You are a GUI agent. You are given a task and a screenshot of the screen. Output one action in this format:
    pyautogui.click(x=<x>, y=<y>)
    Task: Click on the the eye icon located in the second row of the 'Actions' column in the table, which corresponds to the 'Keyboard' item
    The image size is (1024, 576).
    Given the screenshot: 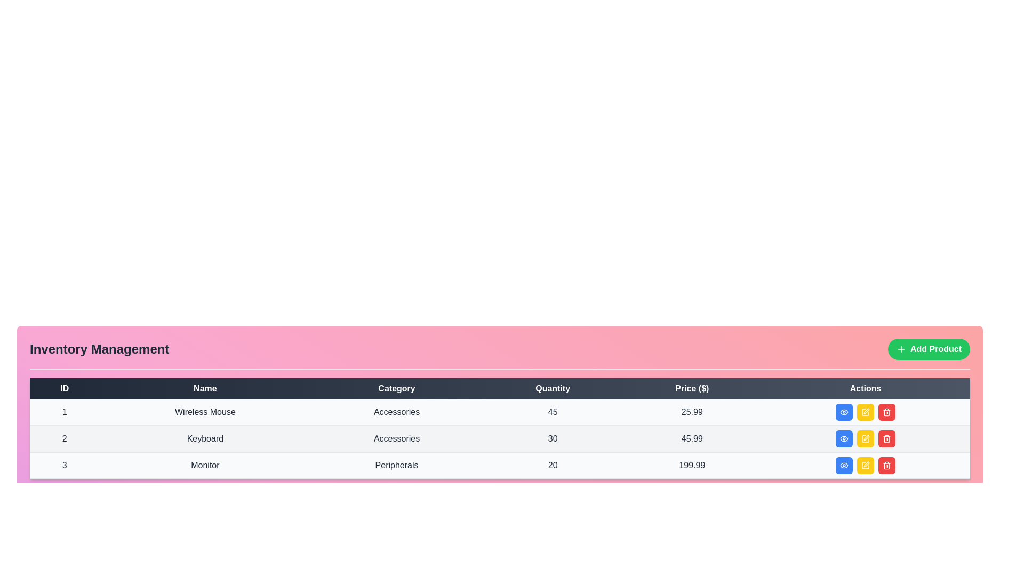 What is the action you would take?
    pyautogui.click(x=844, y=438)
    